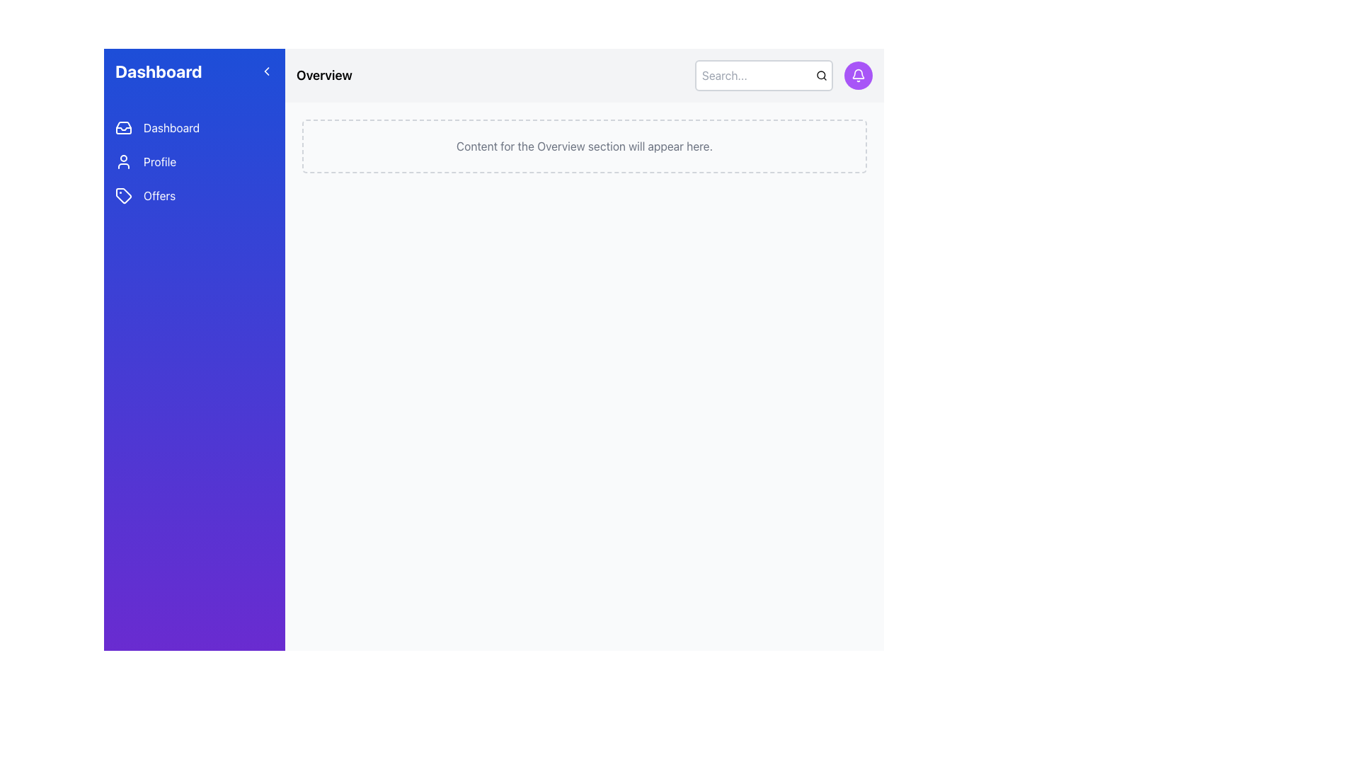  I want to click on the leftward chevron arrow icon button located on a blue background in the top-right corner of the sidebar, so click(267, 71).